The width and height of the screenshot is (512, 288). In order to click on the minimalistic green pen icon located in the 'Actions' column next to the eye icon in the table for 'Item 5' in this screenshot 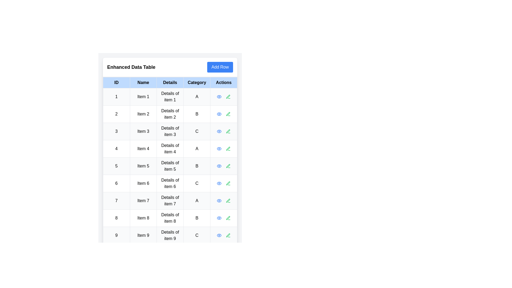, I will do `click(228, 166)`.